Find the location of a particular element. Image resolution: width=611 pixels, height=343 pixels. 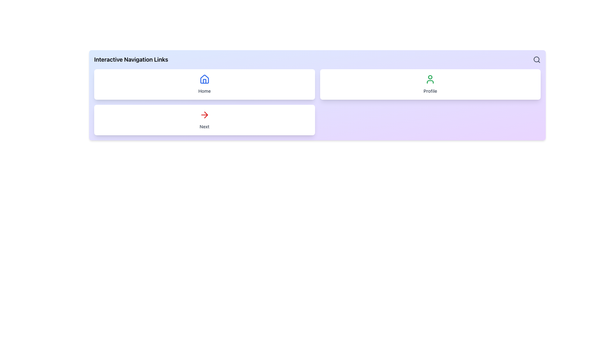

the inner detail of the house icon located in the top-left quadrant of the interface is located at coordinates (204, 81).